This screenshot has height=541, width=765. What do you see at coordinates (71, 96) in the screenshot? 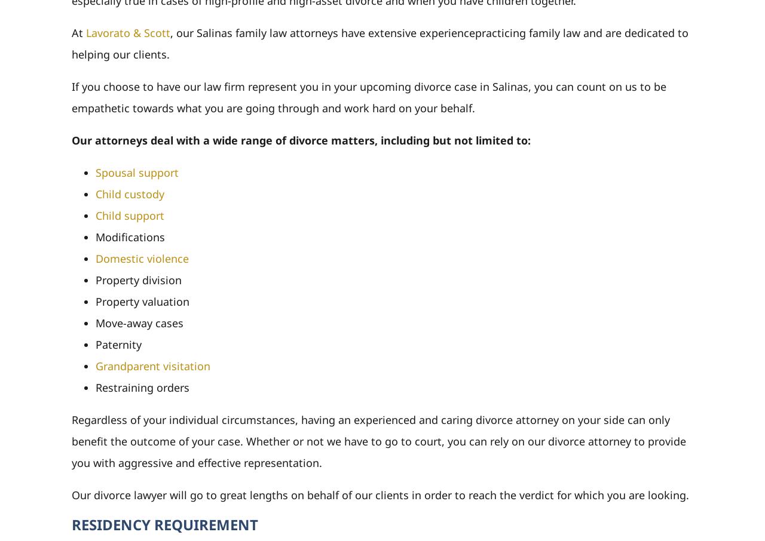
I see `'If you choose to have our law firm represent you in your upcoming divorce
	 case in Salinas, you can count on us to be empathetic towards what you
	 are going through and work hard on your behalf.'` at bounding box center [71, 96].